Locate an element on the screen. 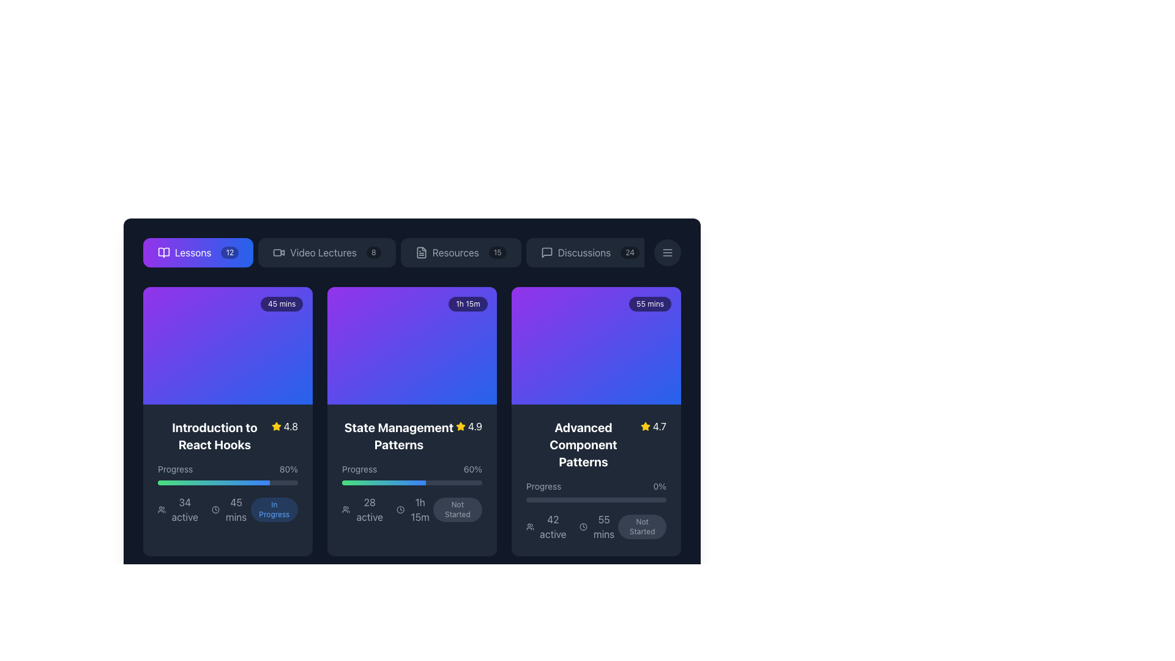  progress is located at coordinates (174, 482).